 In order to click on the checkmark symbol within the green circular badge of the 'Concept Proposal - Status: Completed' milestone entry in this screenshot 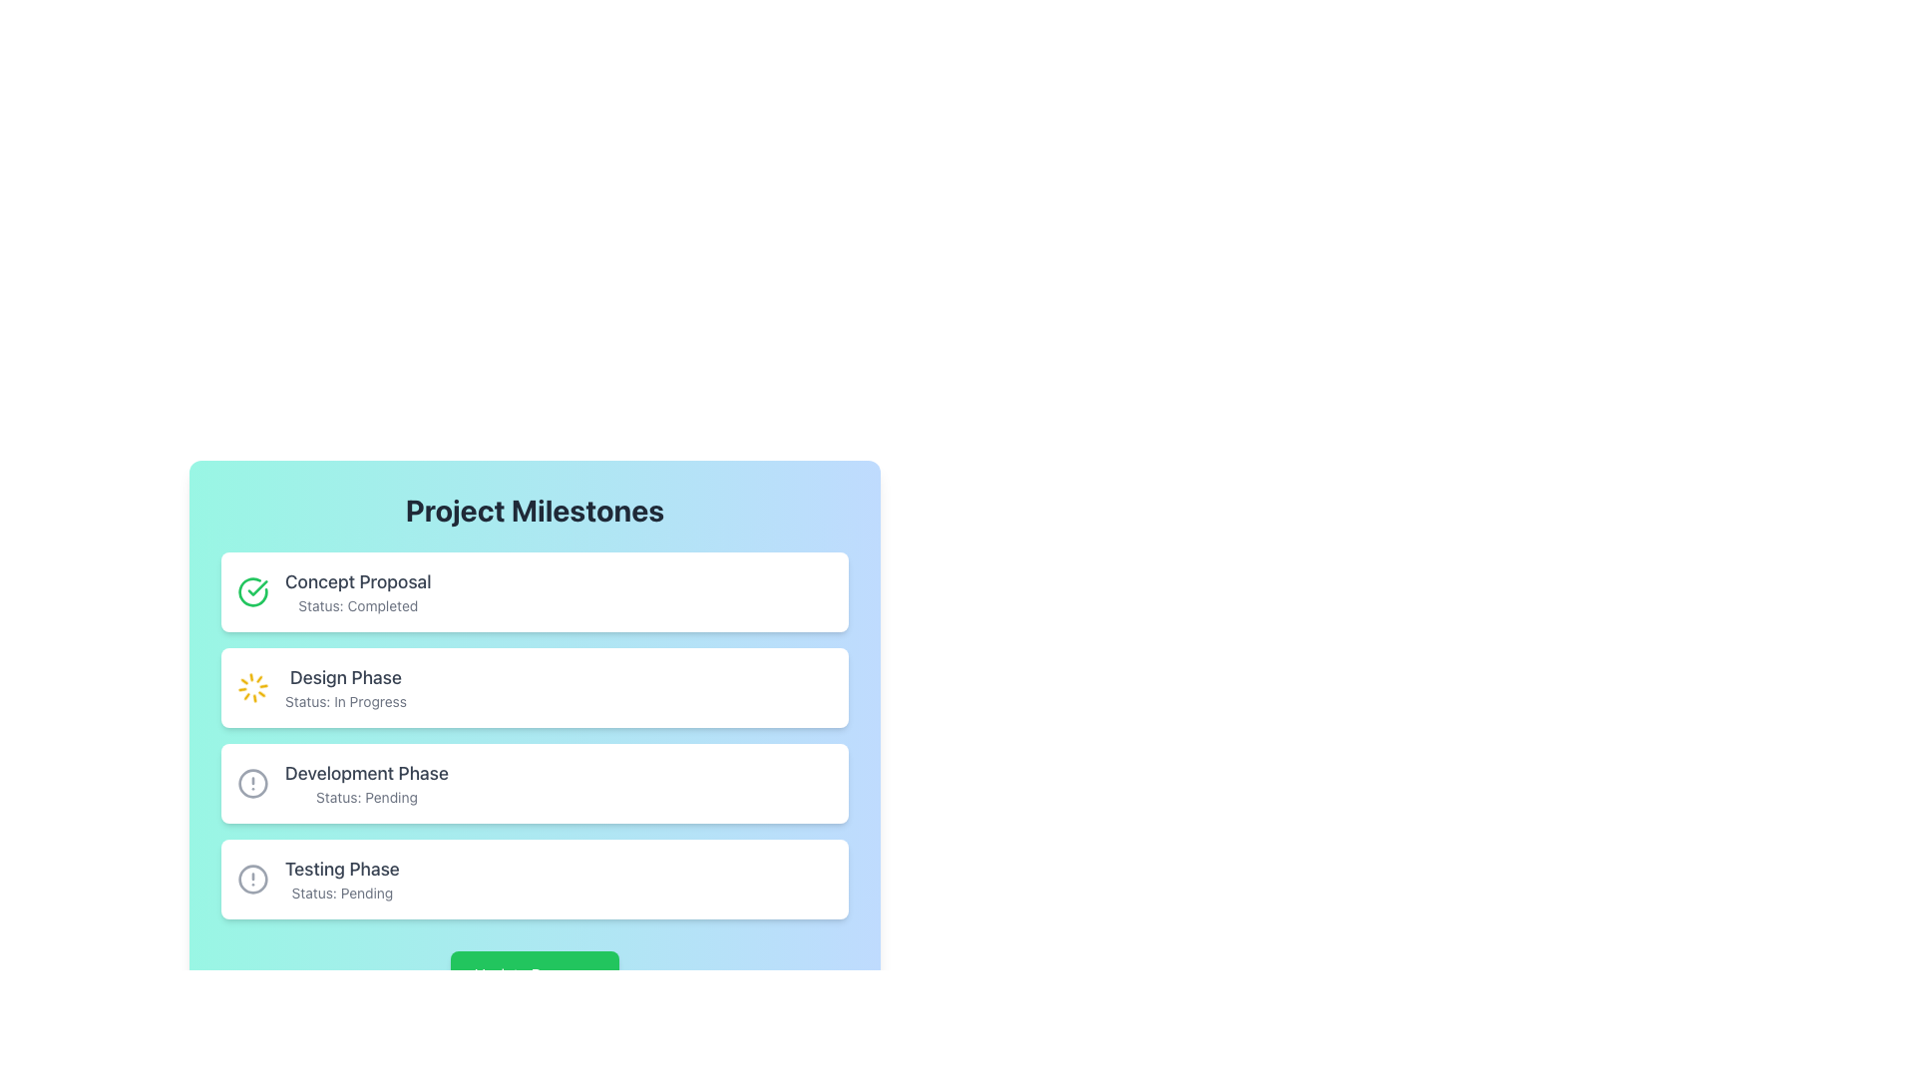, I will do `click(256, 587)`.